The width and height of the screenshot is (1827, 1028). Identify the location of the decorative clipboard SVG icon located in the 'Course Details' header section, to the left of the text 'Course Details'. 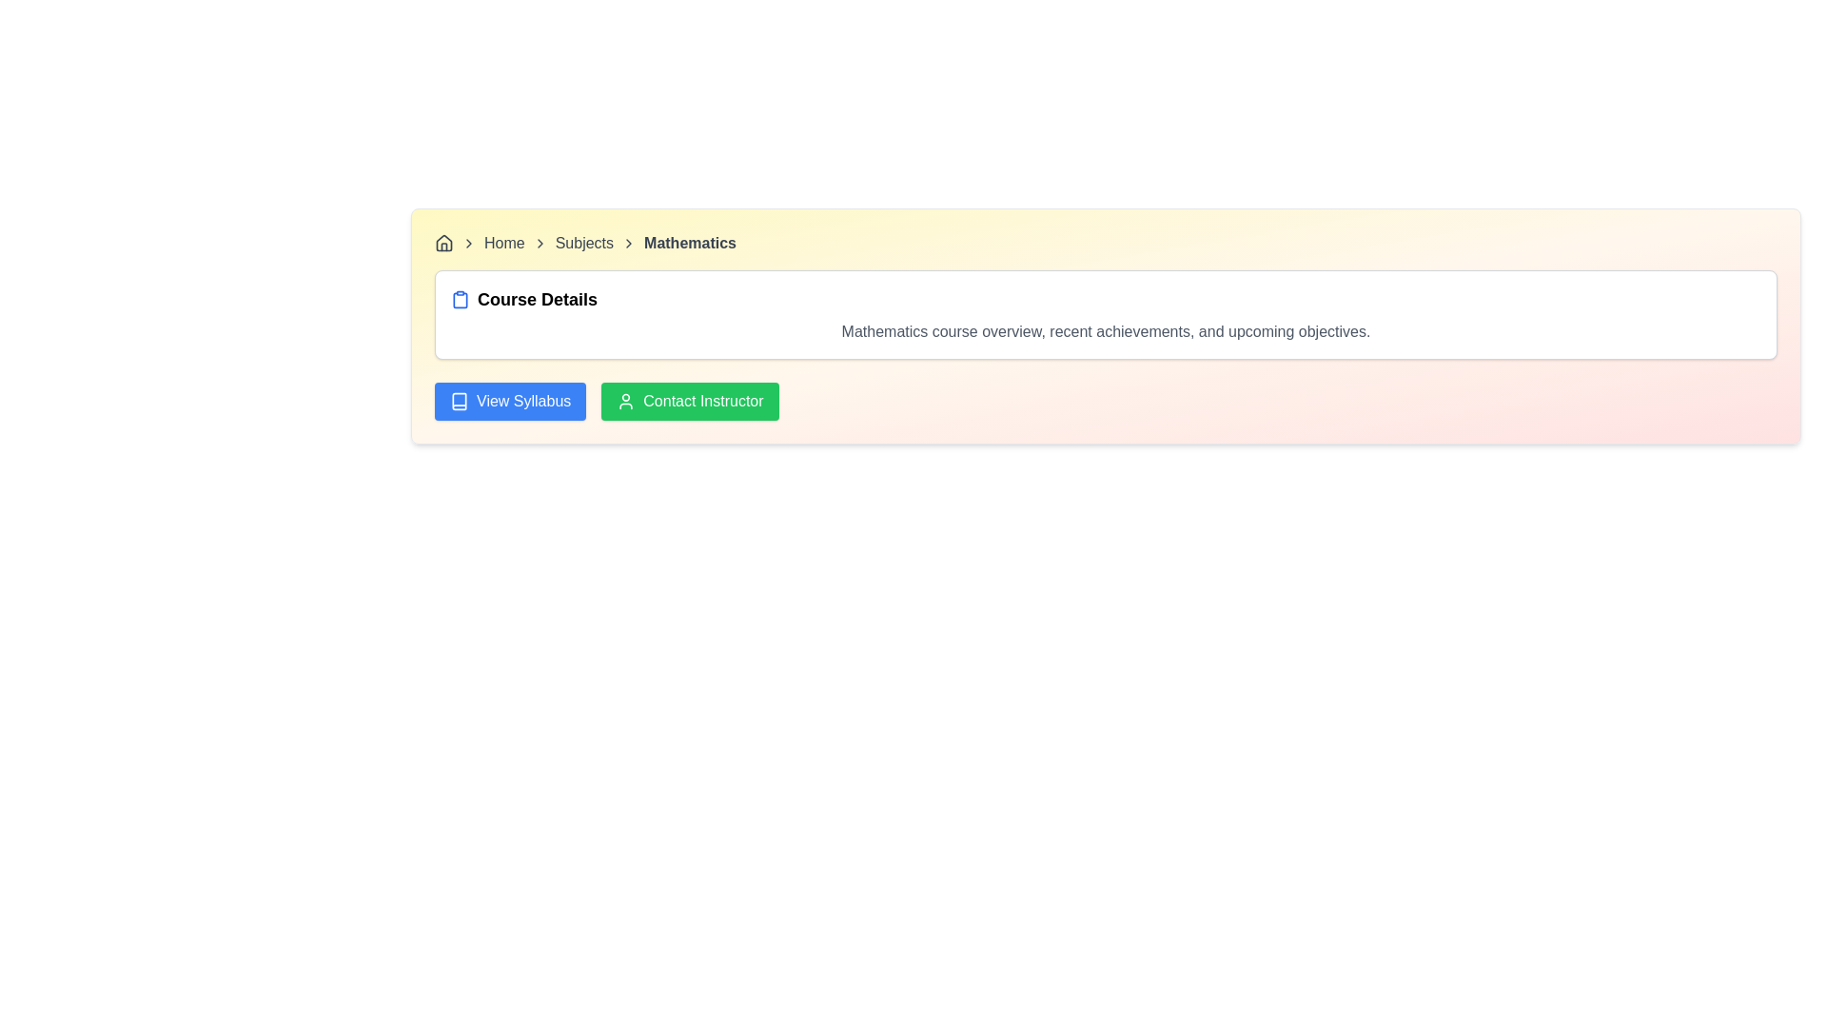
(461, 300).